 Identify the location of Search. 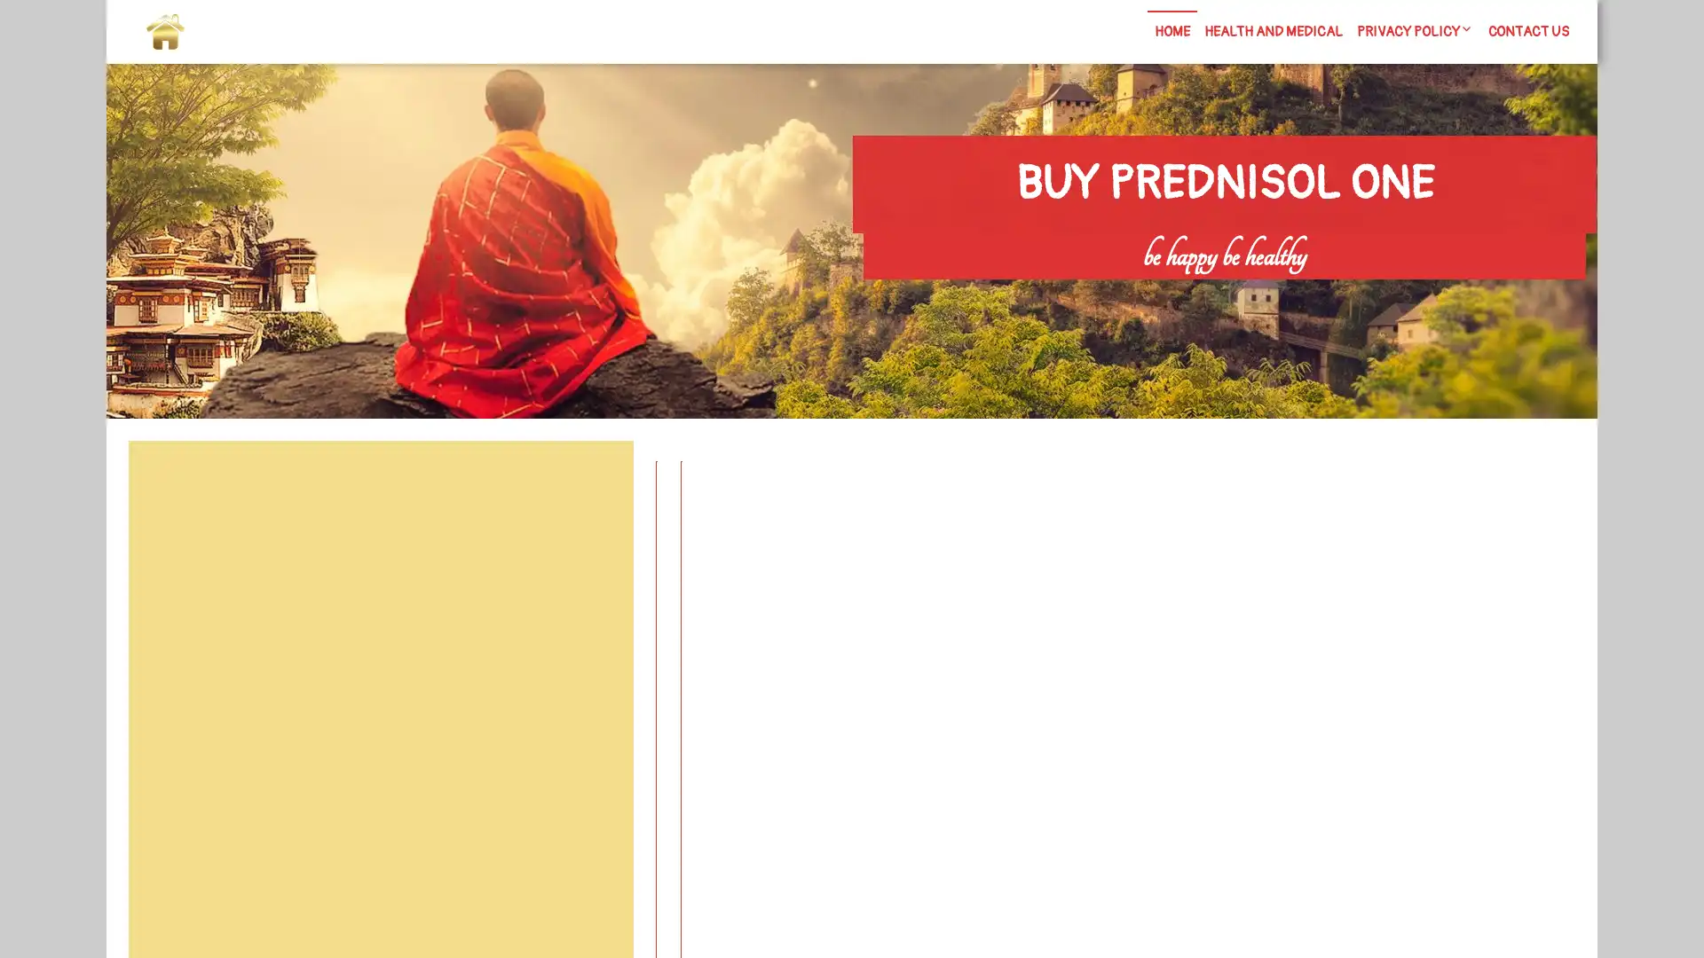
(592, 483).